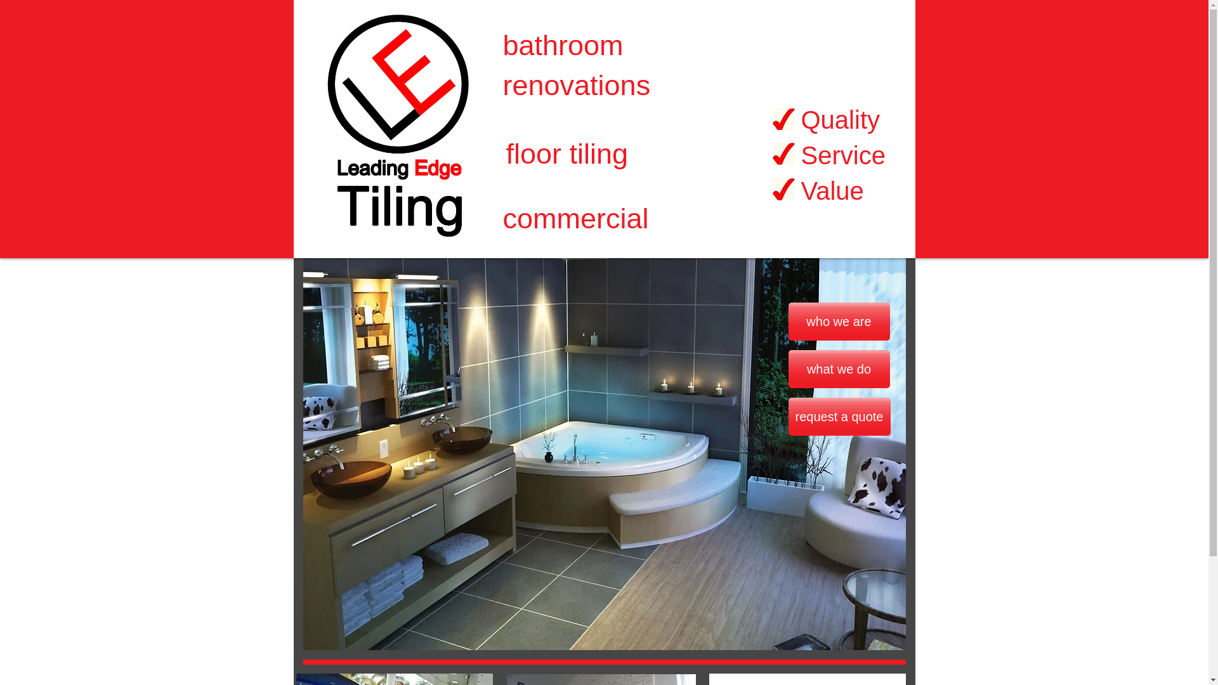 This screenshot has height=685, width=1218. Describe the element at coordinates (787, 320) in the screenshot. I see `'who we are'` at that location.